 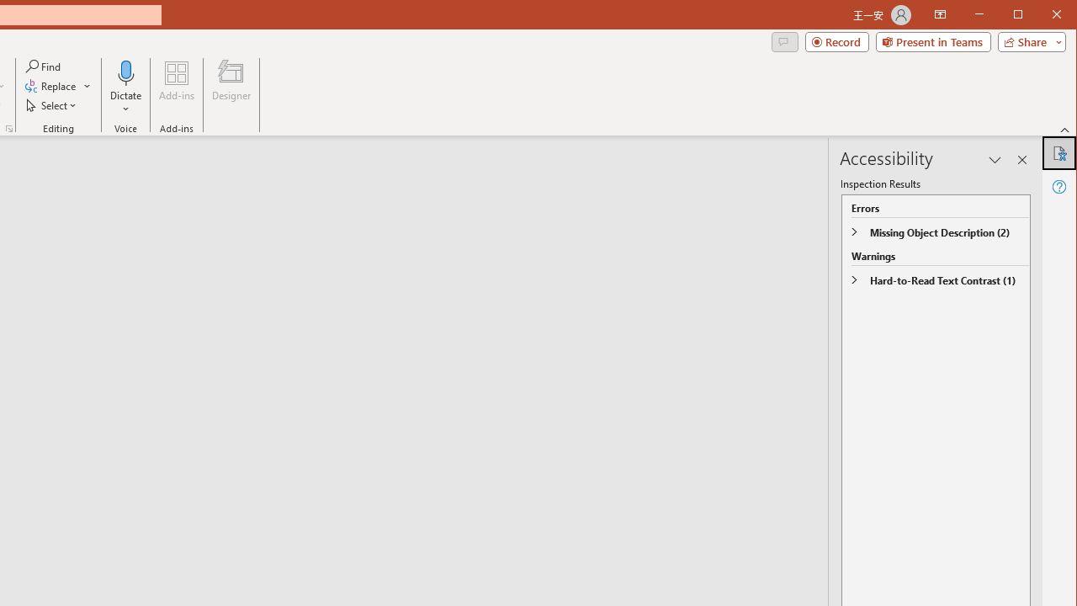 I want to click on 'Replace...', so click(x=52, y=86).